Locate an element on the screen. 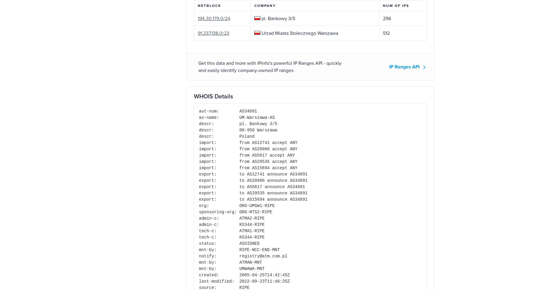 This screenshot has height=291, width=535. 'Help center' is located at coordinates (243, 235).